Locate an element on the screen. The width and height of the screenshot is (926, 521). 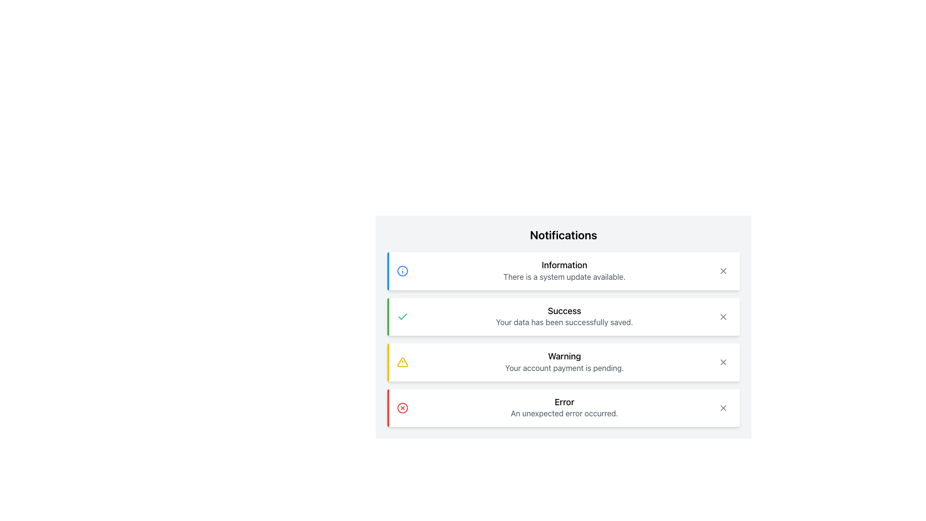
the 'X' icon located on the right side of the 'Warning' notification is located at coordinates (723, 362).